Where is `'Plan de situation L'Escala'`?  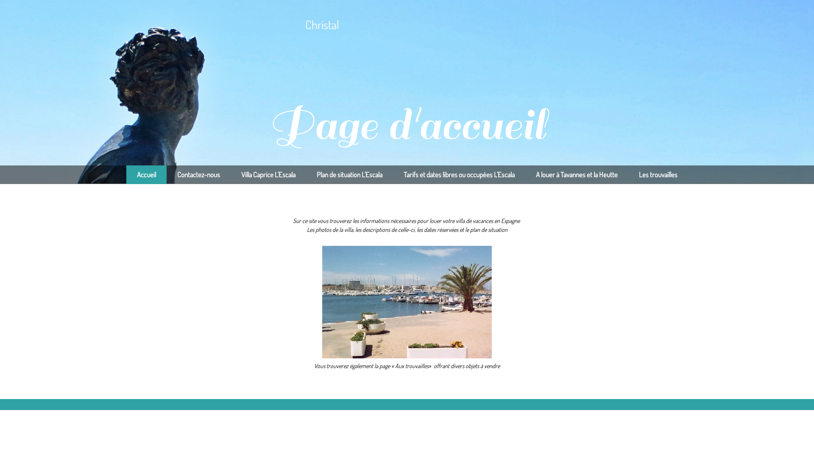
'Plan de situation L'Escala' is located at coordinates (349, 174).